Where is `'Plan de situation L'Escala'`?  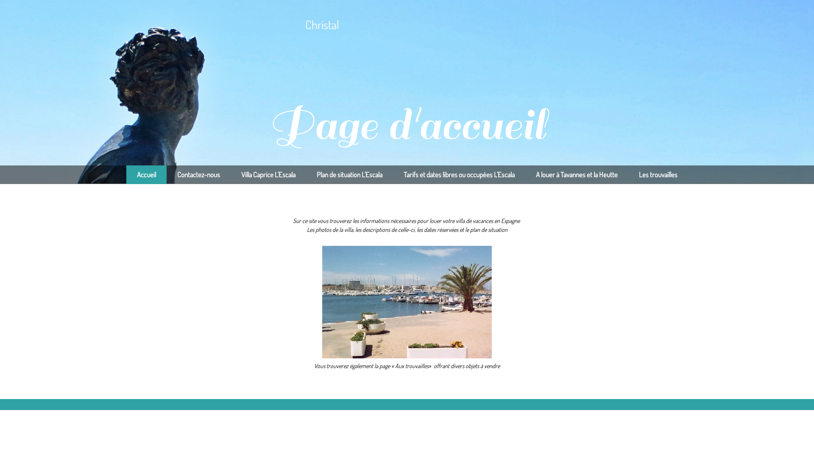
'Plan de situation L'Escala' is located at coordinates (349, 174).